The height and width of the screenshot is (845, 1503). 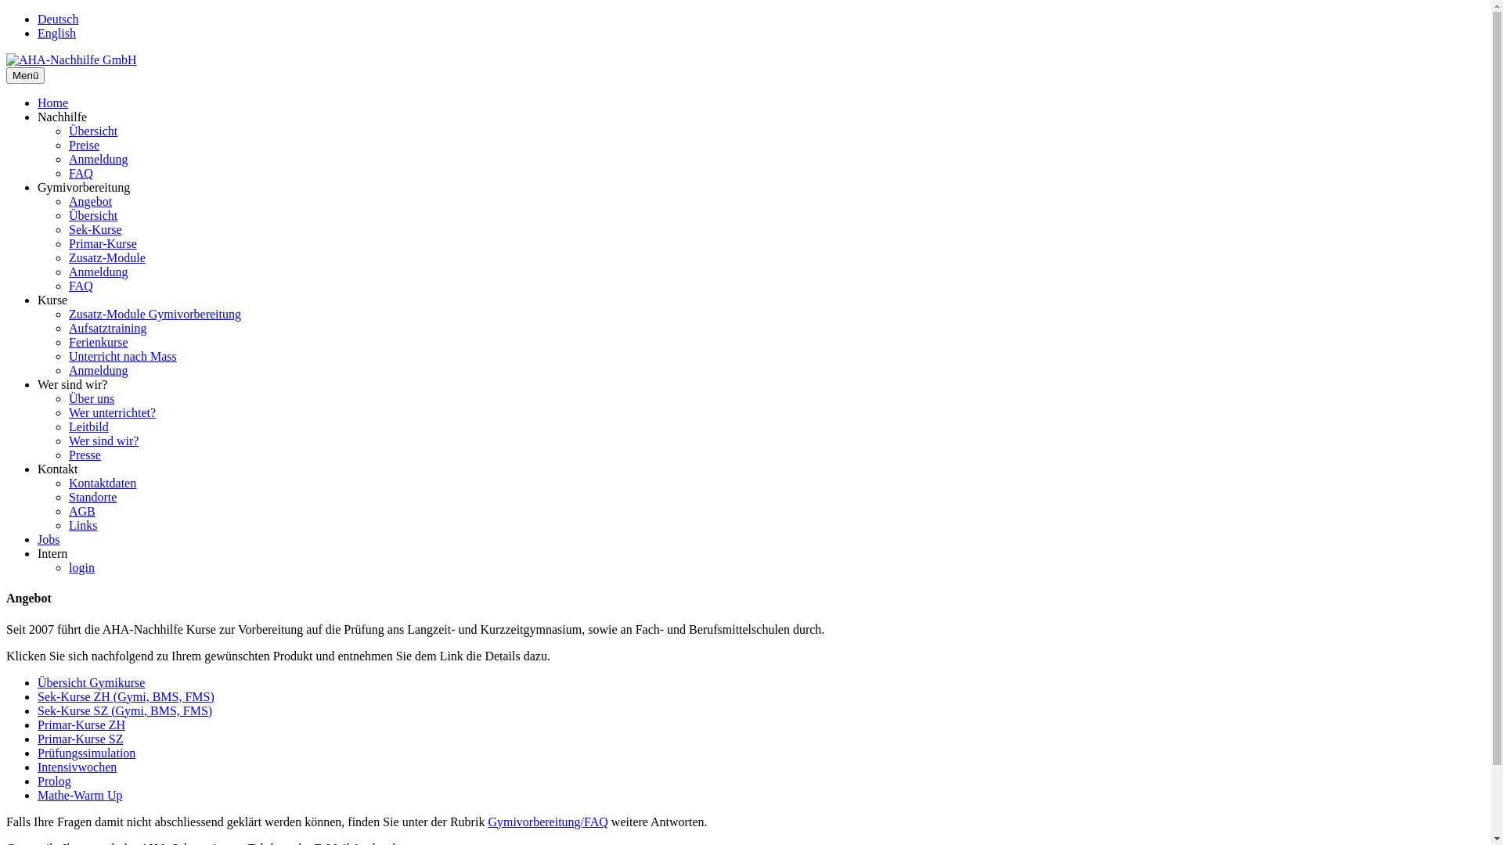 I want to click on 'Ferienkurse', so click(x=97, y=341).